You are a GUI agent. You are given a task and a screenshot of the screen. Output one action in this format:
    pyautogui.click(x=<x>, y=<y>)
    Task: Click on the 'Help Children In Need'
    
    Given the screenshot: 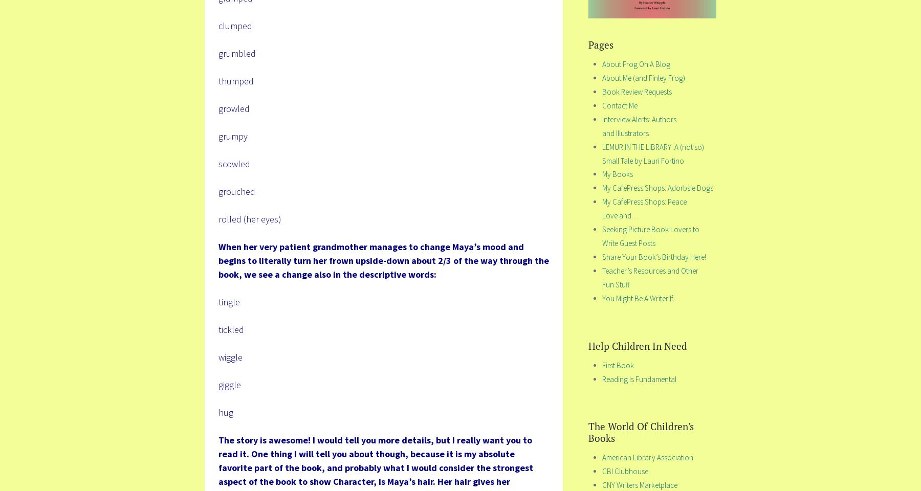 What is the action you would take?
    pyautogui.click(x=638, y=345)
    